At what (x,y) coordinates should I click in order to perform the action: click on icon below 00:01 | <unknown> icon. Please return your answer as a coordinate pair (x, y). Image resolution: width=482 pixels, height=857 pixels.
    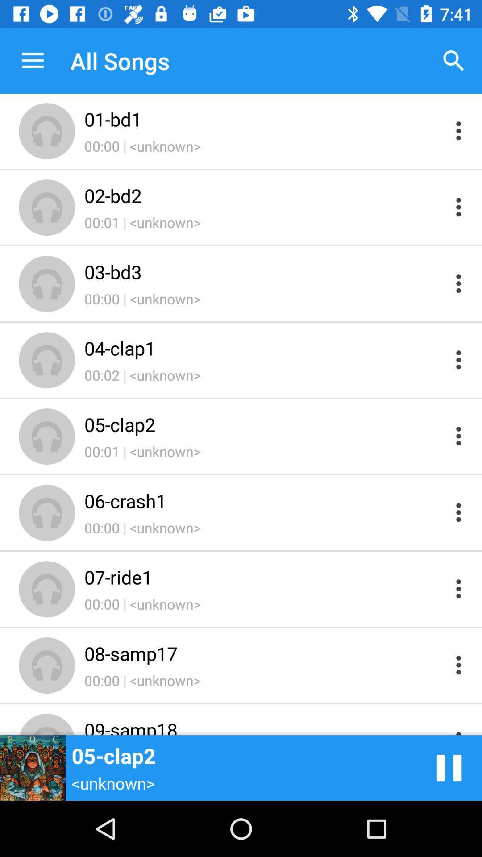
    Looking at the image, I should click on (264, 271).